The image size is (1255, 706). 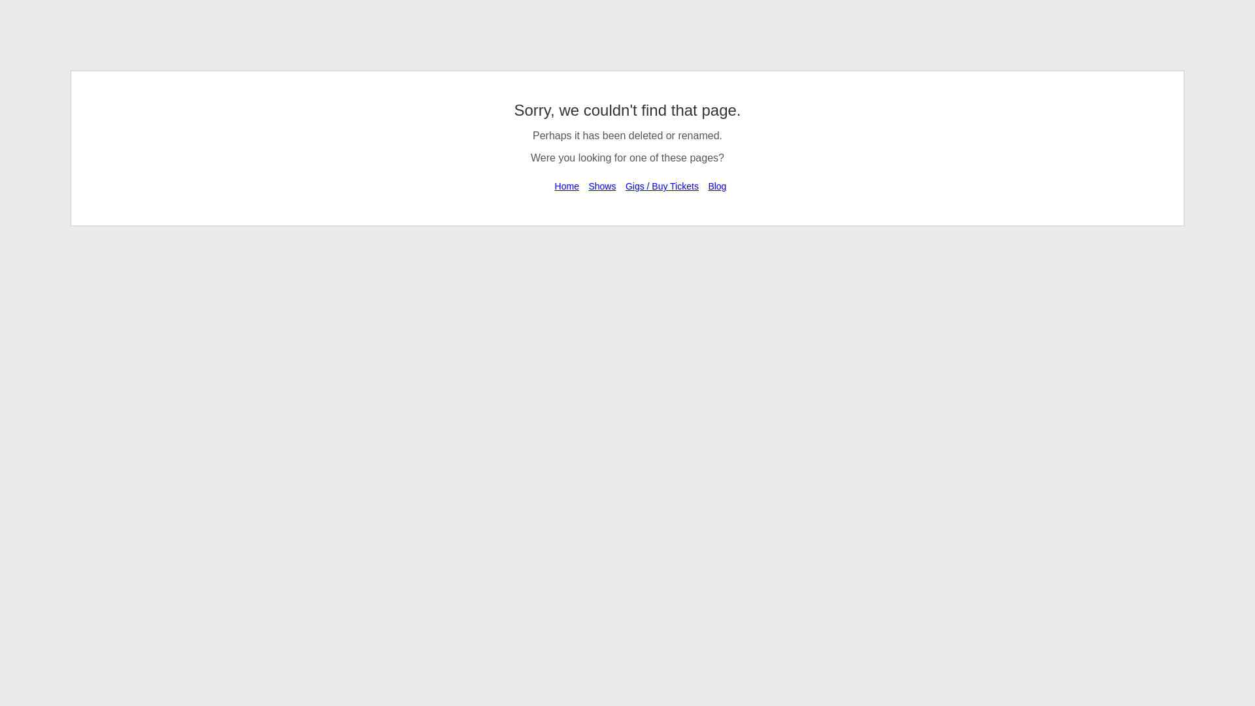 What do you see at coordinates (661, 186) in the screenshot?
I see `'Gigs / Buy Tickets'` at bounding box center [661, 186].